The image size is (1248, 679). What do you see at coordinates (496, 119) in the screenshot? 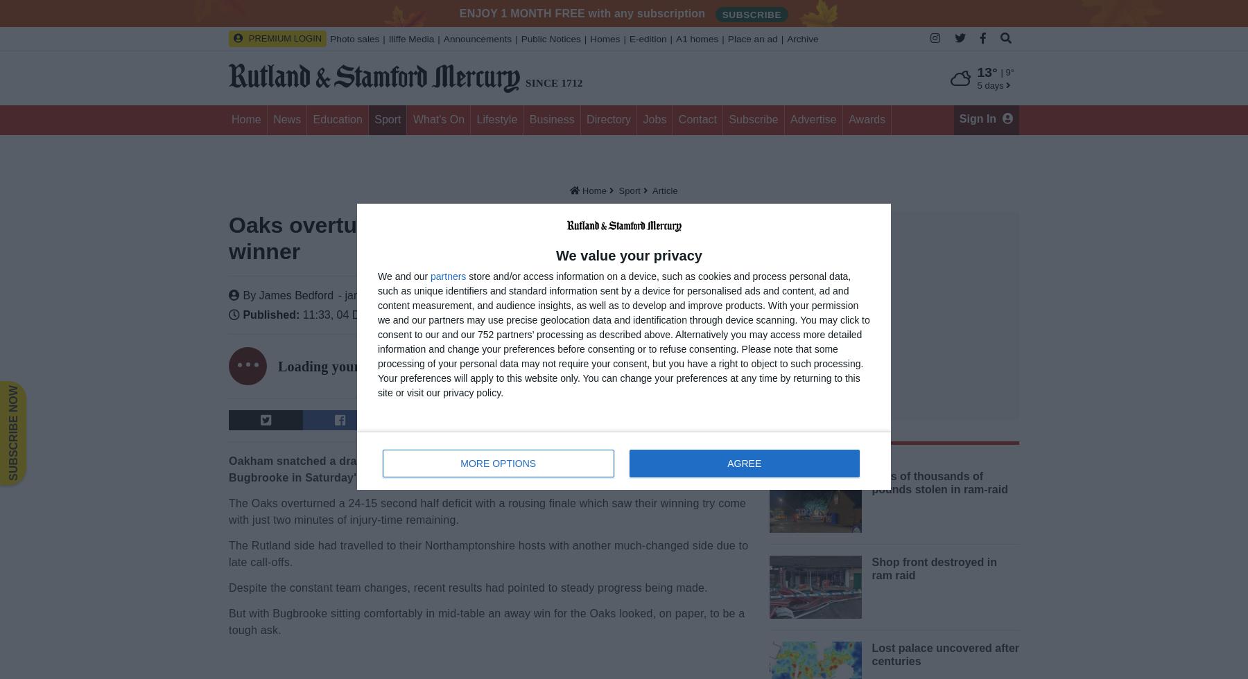
I see `'Lifestyle'` at bounding box center [496, 119].